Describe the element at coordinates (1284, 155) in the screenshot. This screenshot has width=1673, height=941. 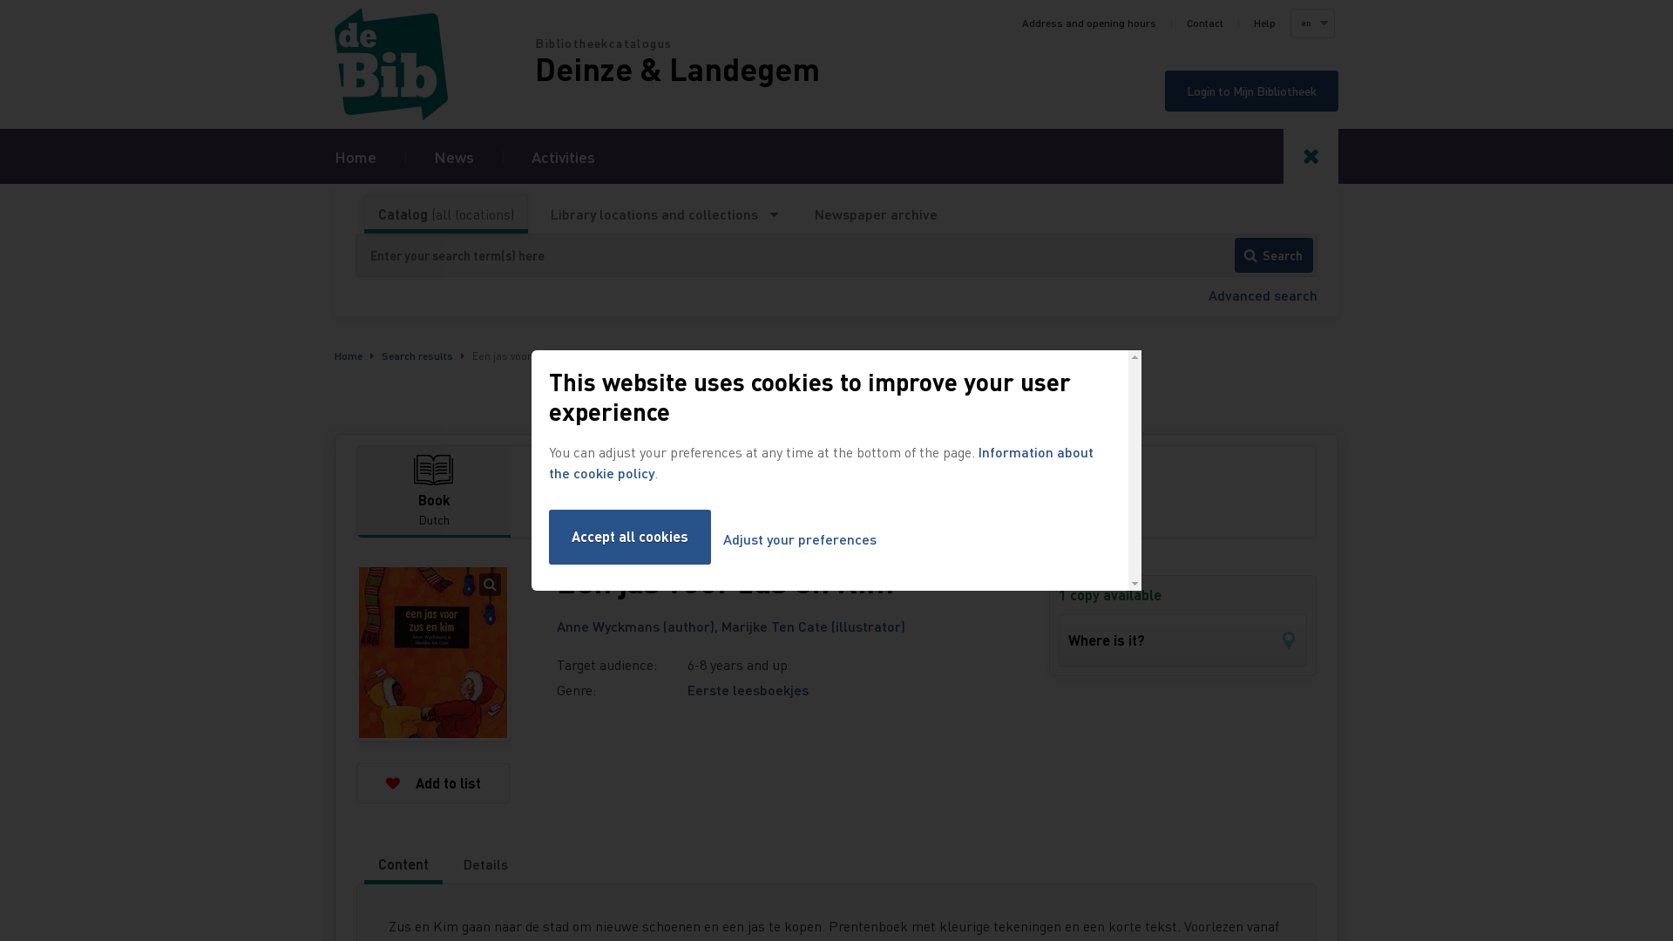
I see `'Toggle search'` at that location.